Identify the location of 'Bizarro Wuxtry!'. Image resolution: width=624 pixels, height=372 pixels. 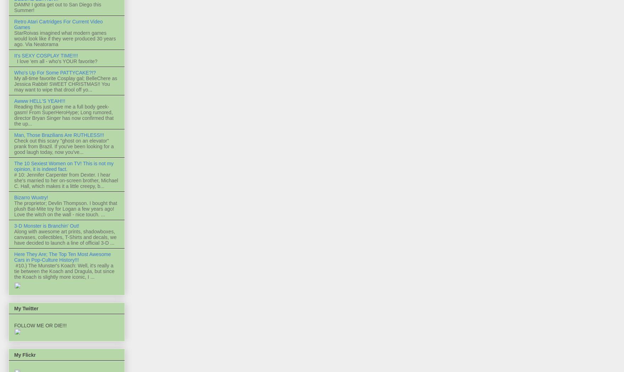
(14, 198).